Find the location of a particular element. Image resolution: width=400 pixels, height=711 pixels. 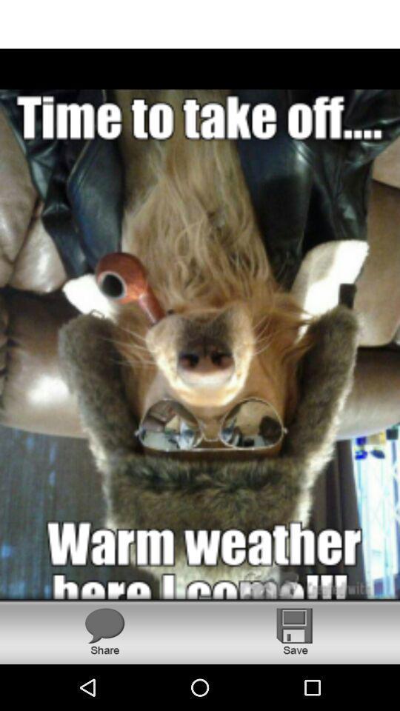

share the picture is located at coordinates (104, 630).